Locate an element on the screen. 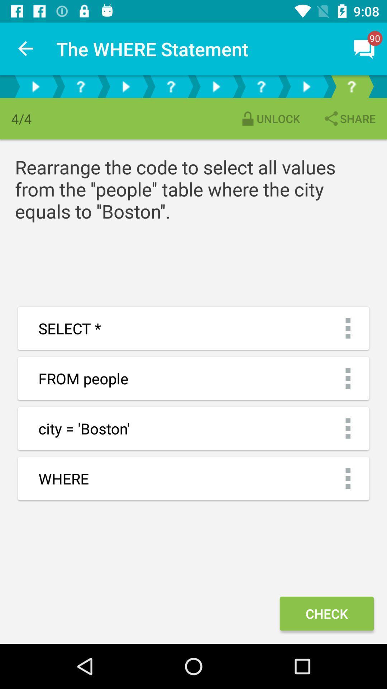  play option is located at coordinates (125, 86).